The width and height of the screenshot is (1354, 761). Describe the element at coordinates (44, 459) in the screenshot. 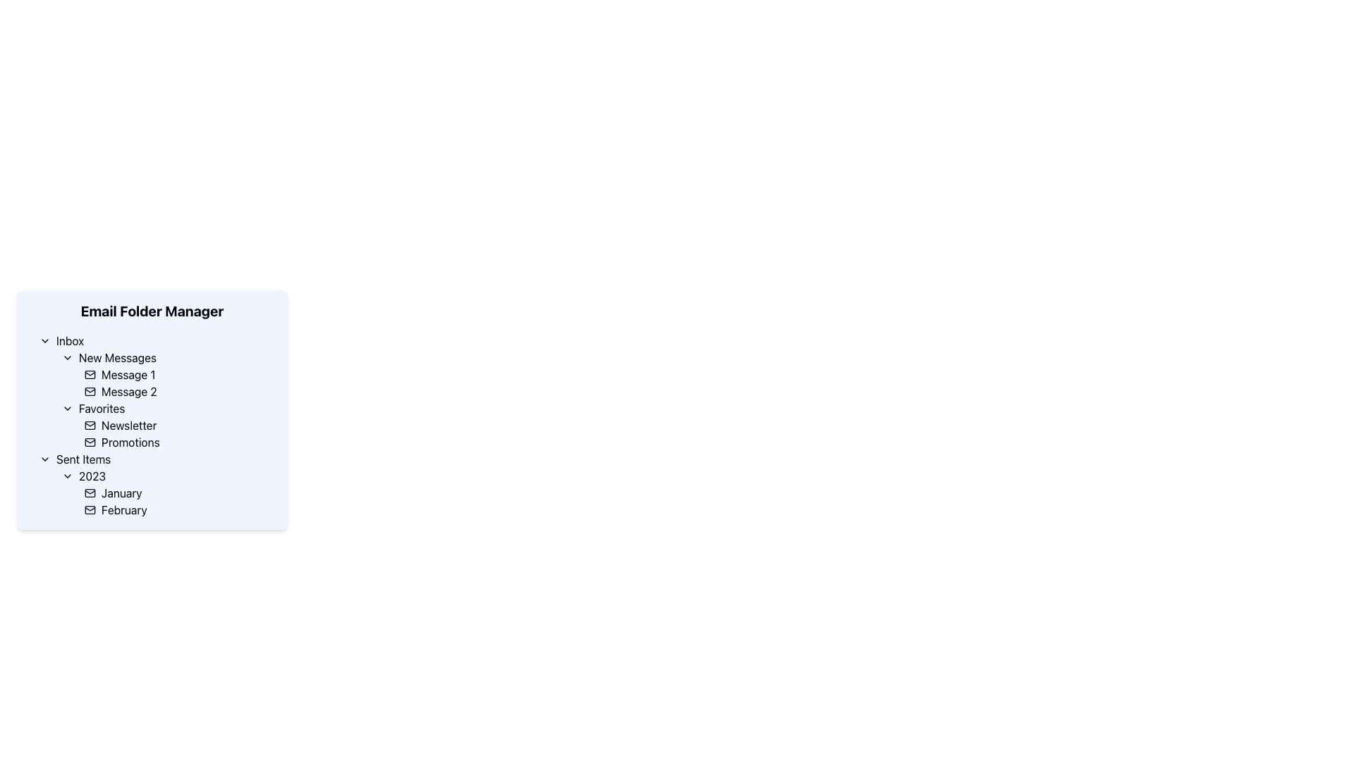

I see `the toggle icon located to the left of the 'Sent Items' label in the navigation structure` at that location.